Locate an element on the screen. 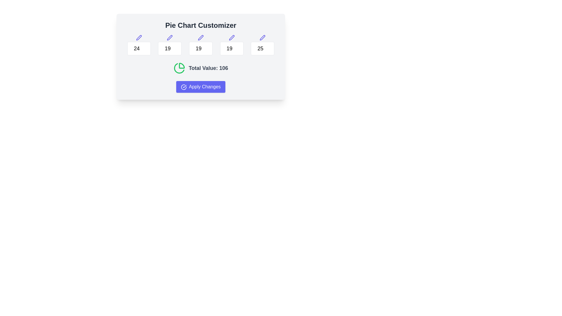  the green outlined pie chart segment located near the label 'Total Value: 106' and above the 'Apply Changes' button is located at coordinates (179, 68).